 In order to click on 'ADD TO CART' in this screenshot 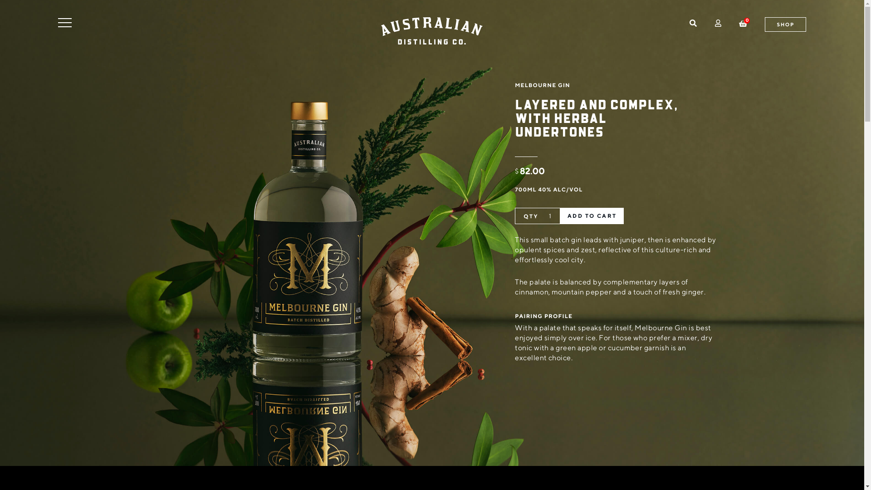, I will do `click(559, 216)`.